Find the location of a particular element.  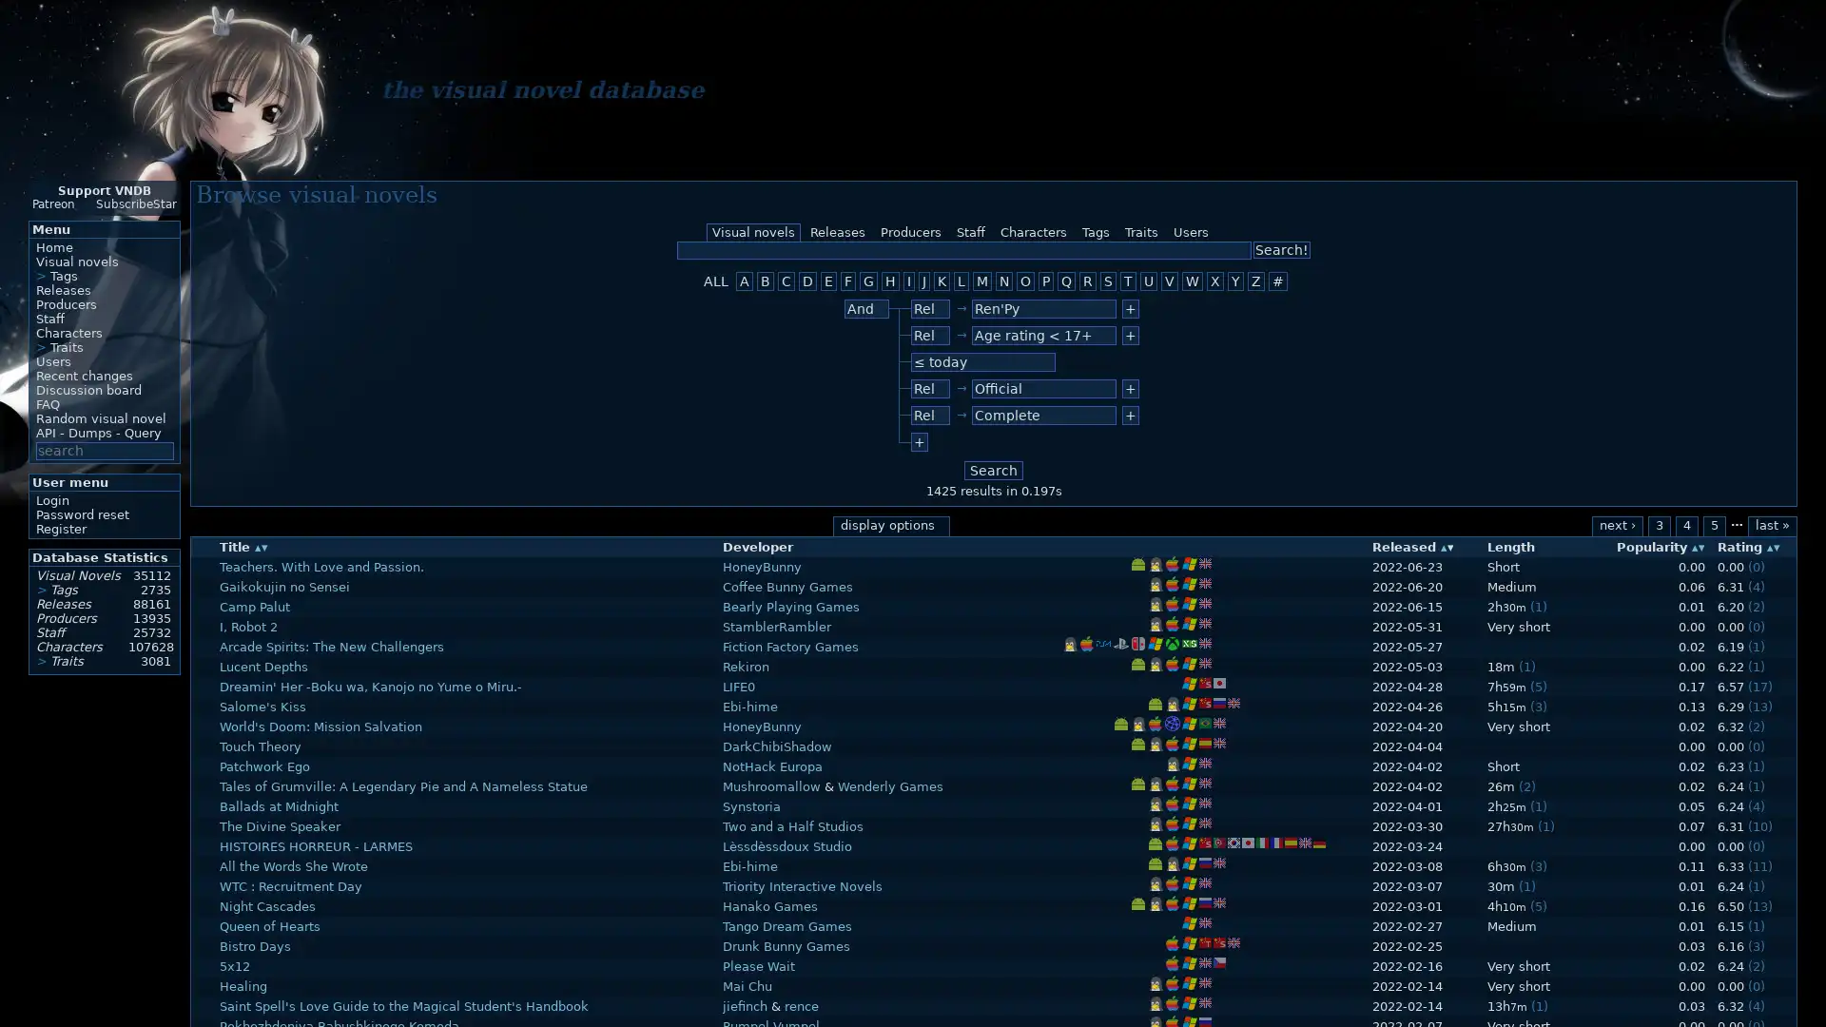

Search! is located at coordinates (1282, 248).